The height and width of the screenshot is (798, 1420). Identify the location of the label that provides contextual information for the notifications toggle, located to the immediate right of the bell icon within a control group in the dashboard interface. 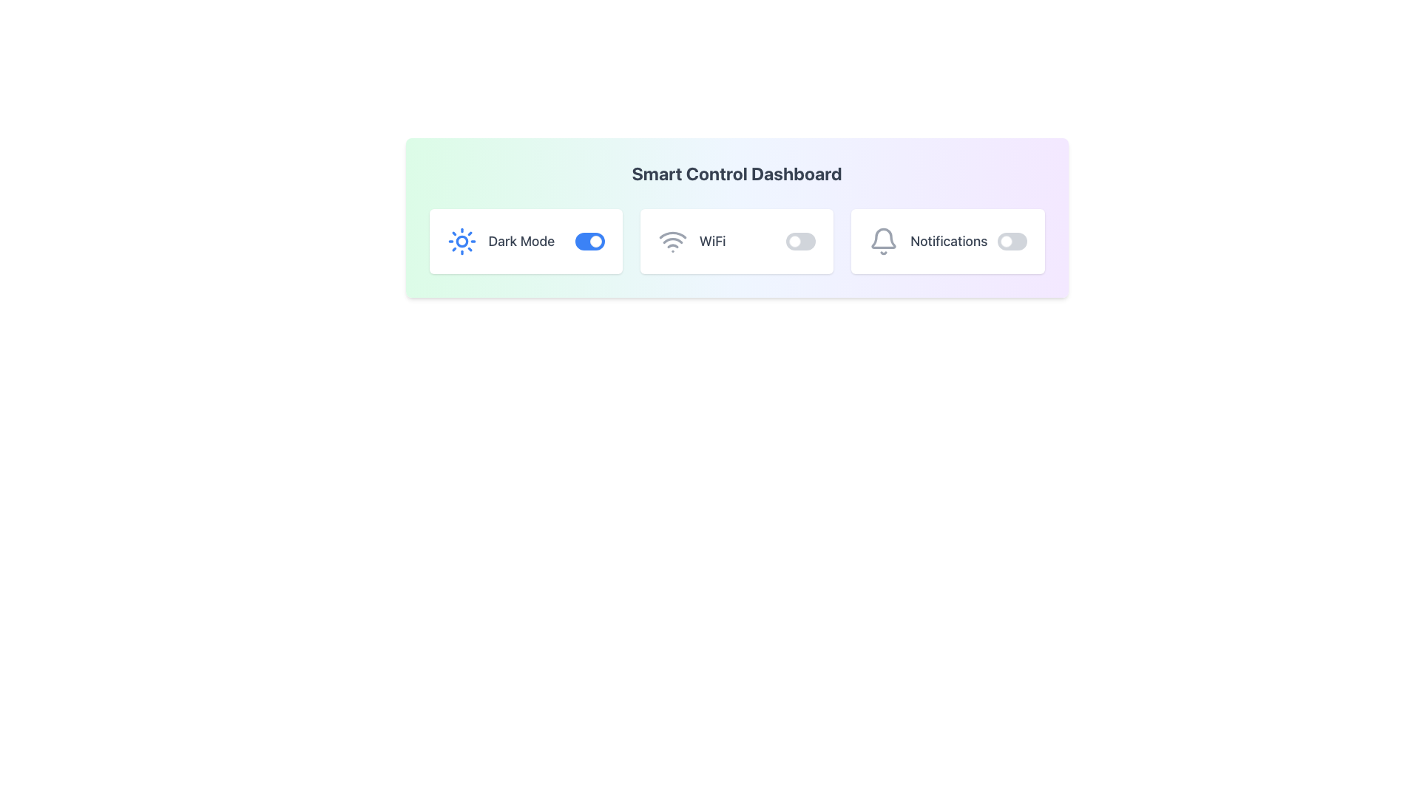
(949, 241).